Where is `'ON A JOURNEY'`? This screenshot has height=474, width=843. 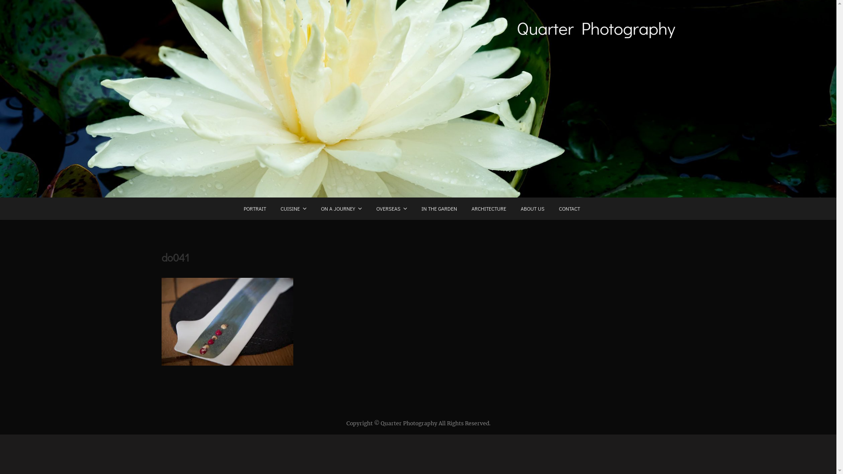 'ON A JOURNEY' is located at coordinates (341, 208).